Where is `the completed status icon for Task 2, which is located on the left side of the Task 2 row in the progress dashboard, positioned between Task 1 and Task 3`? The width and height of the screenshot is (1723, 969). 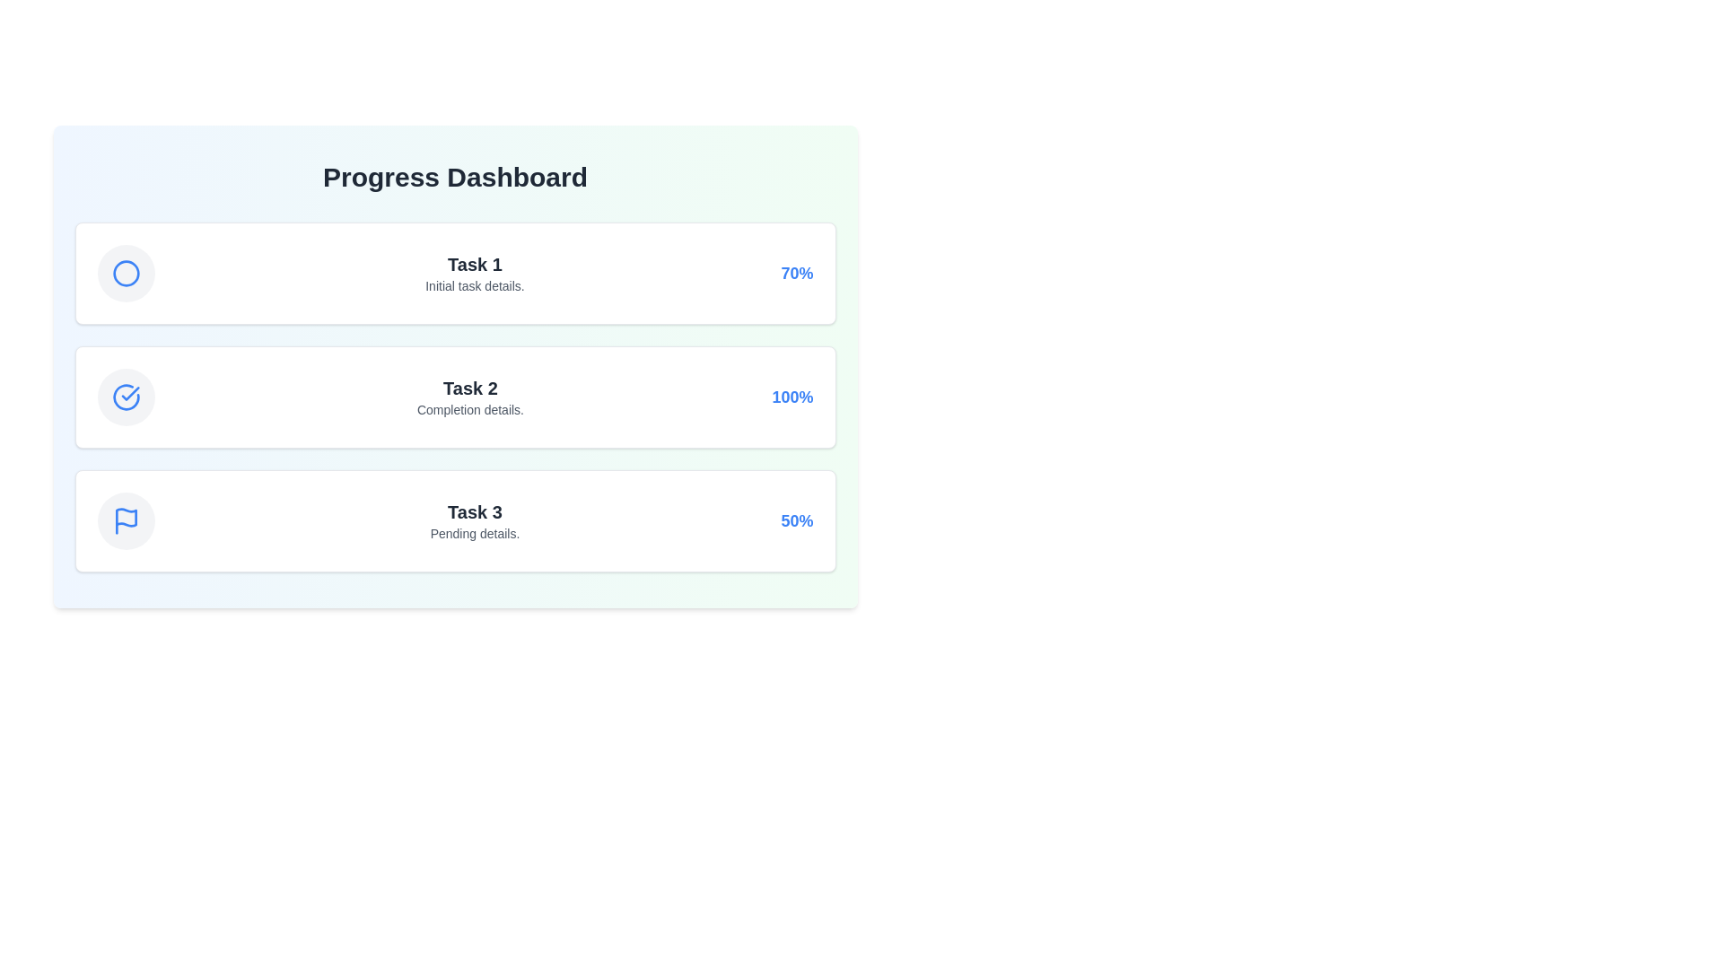
the completed status icon for Task 2, which is located on the left side of the Task 2 row in the progress dashboard, positioned between Task 1 and Task 3 is located at coordinates (125, 397).